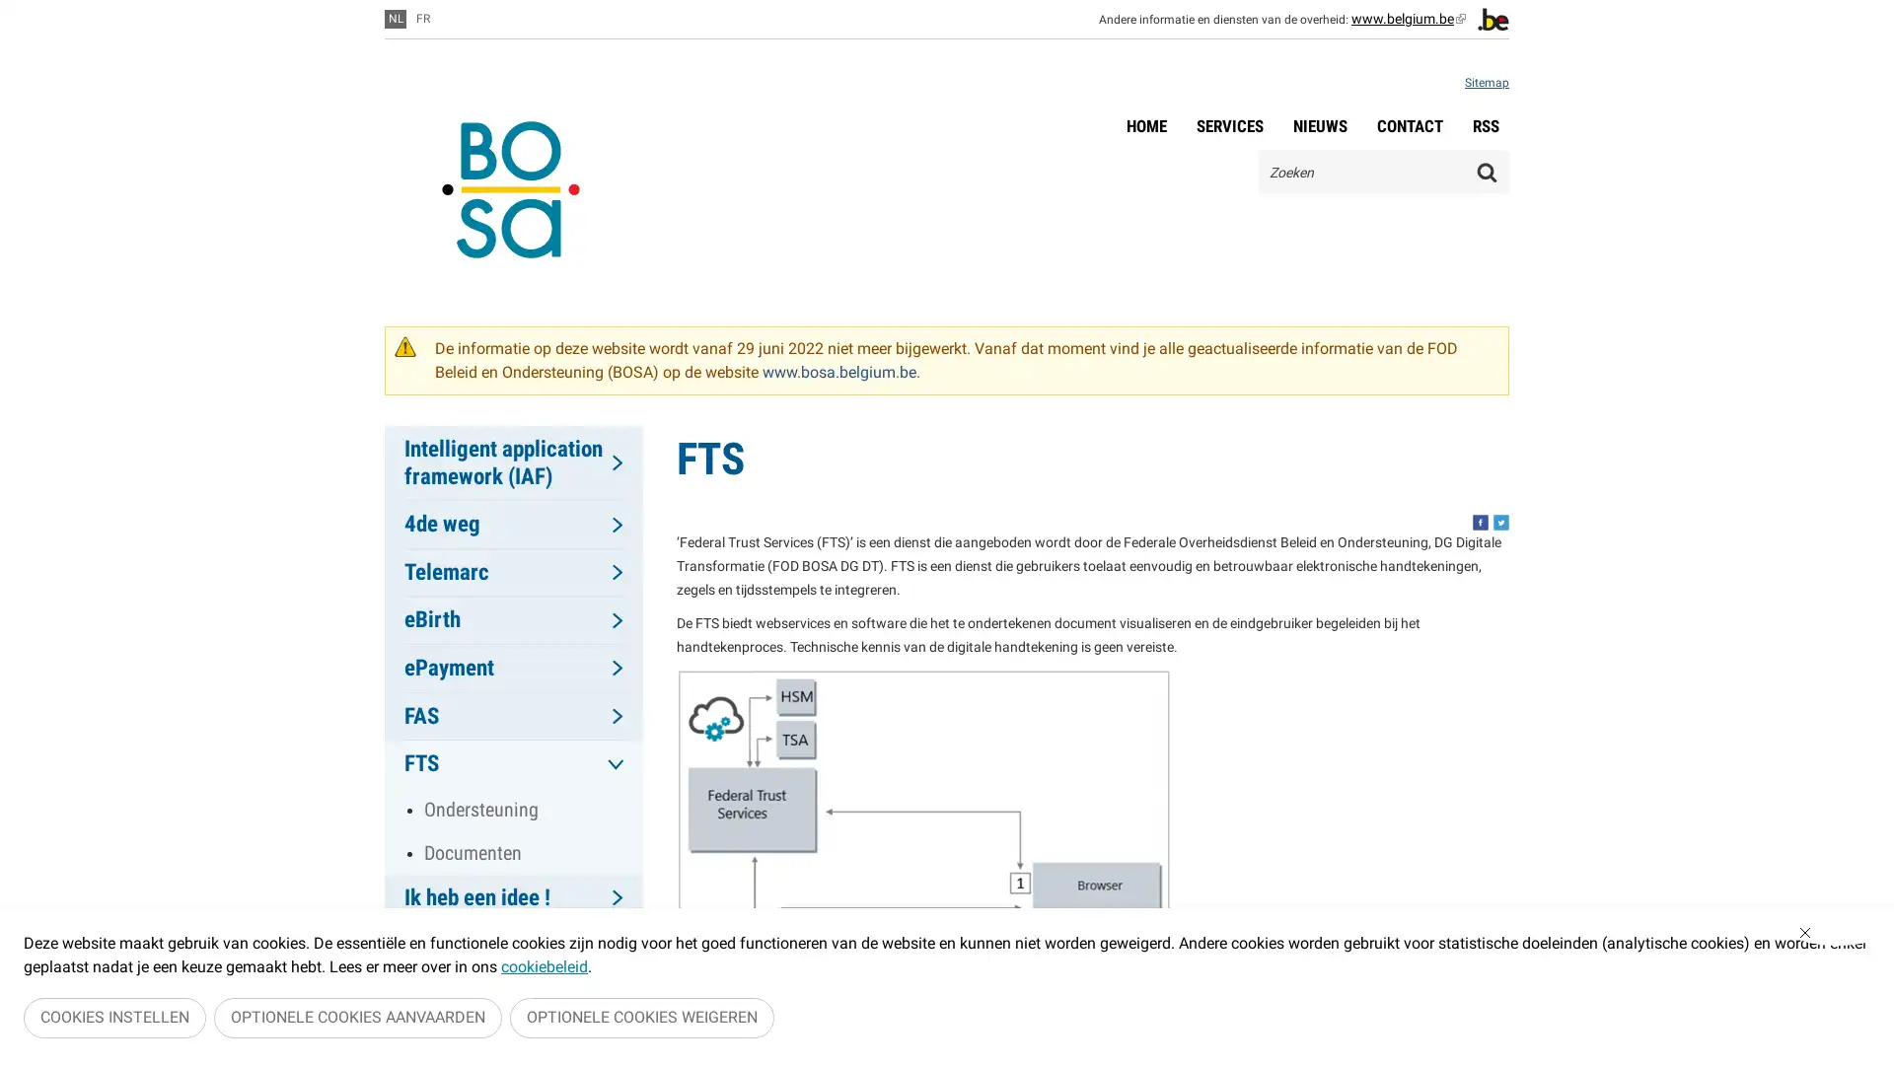  Describe the element at coordinates (113, 1020) in the screenshot. I see `COOKIES INSTELLEN` at that location.